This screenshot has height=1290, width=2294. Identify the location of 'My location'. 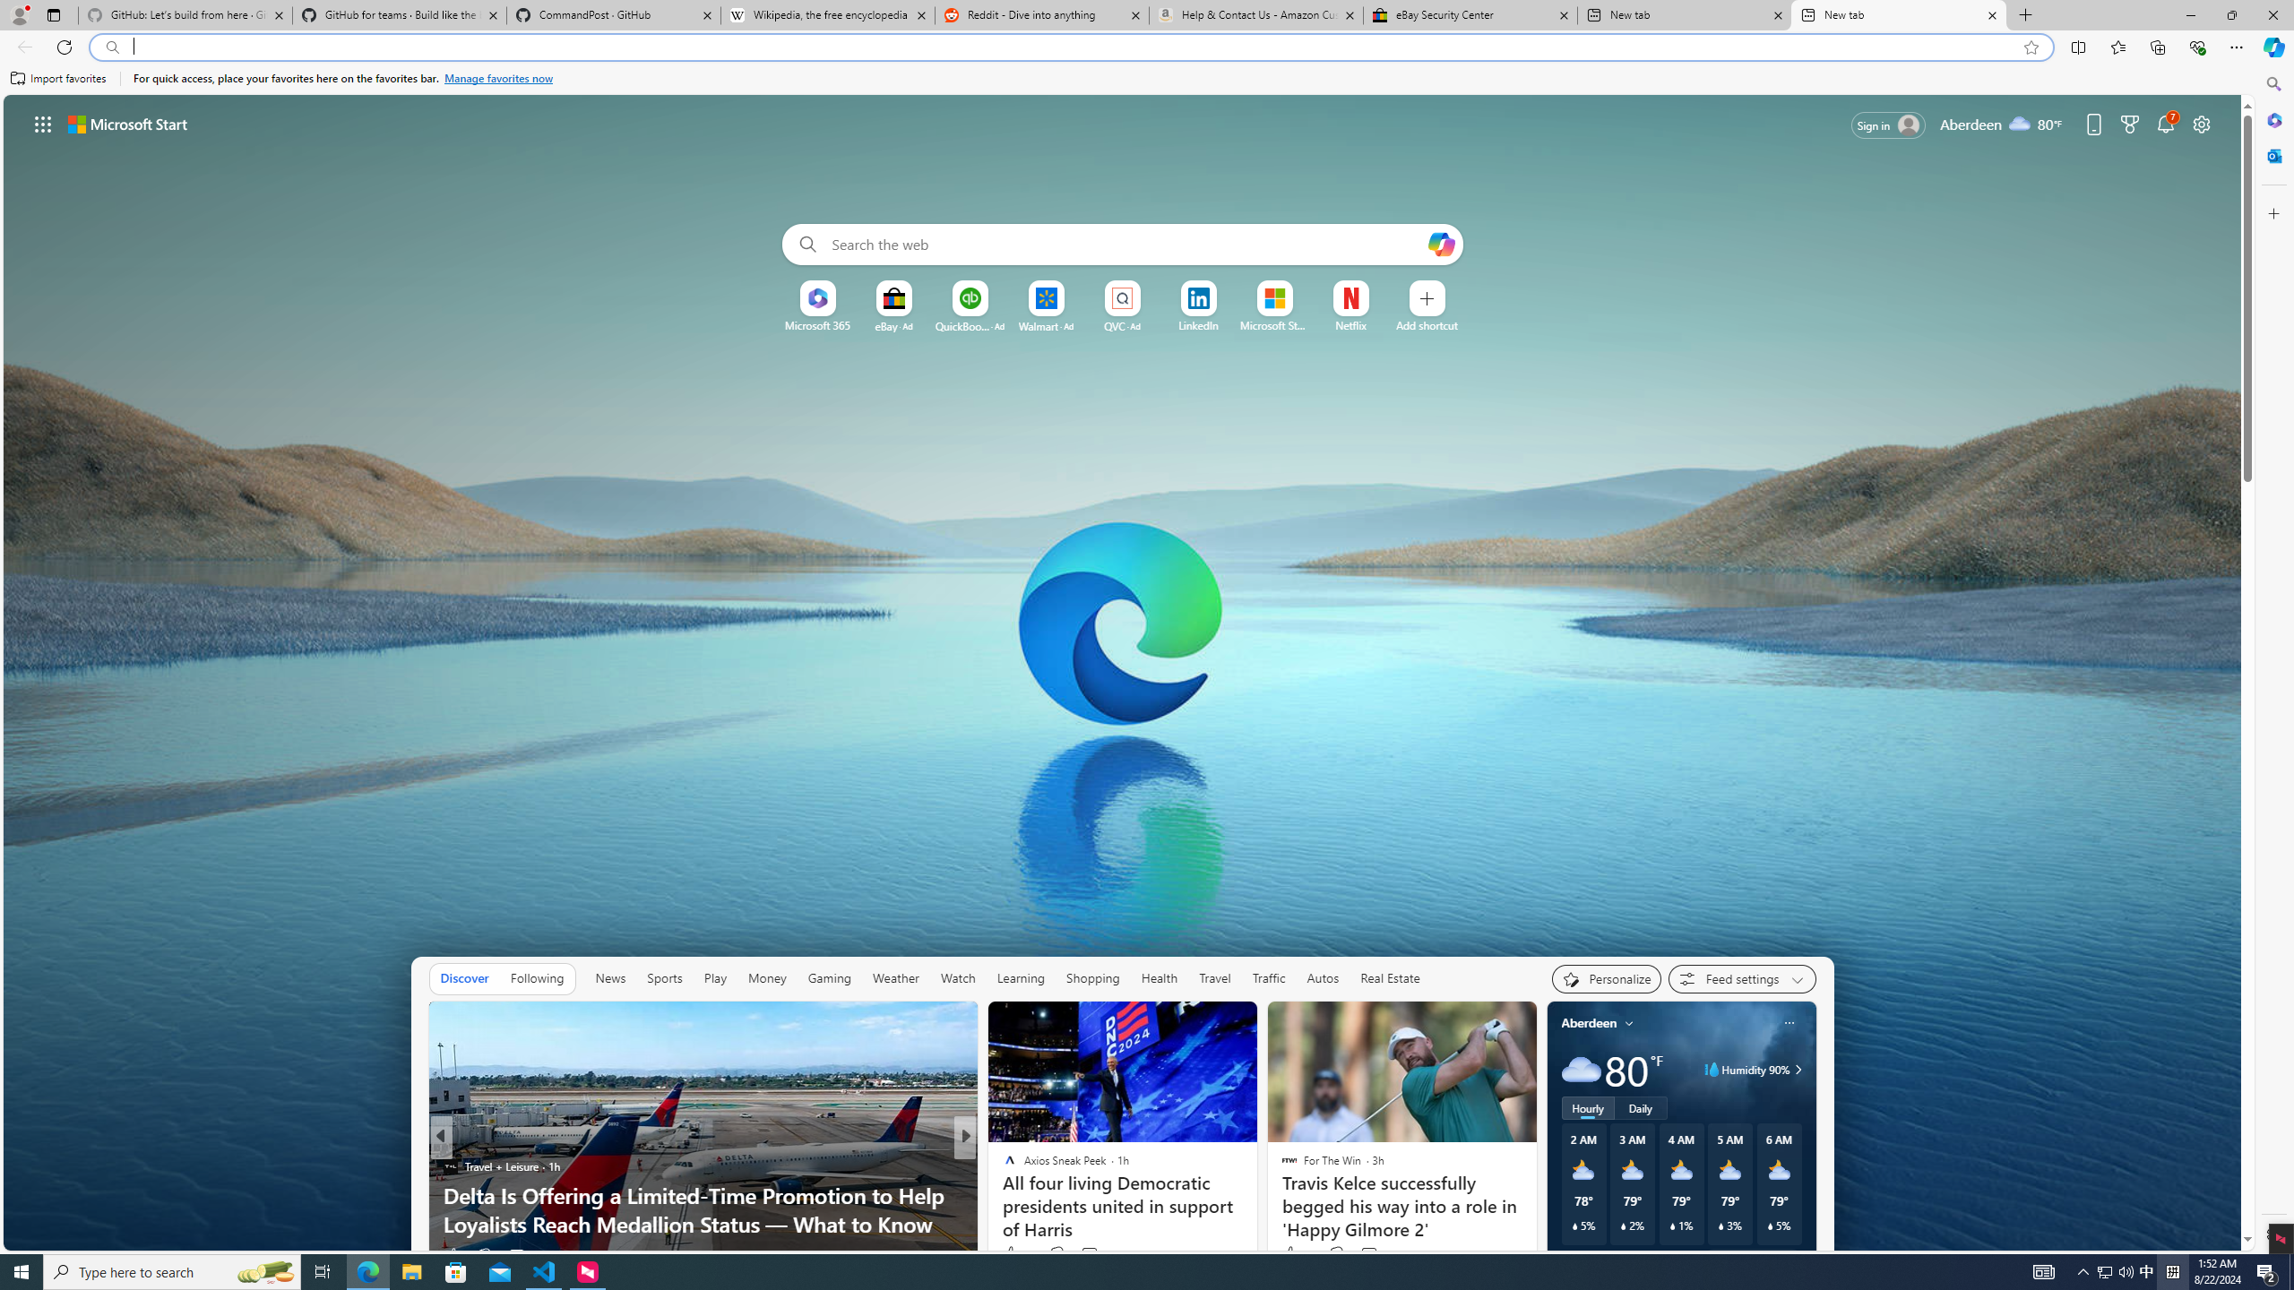
(1628, 1022).